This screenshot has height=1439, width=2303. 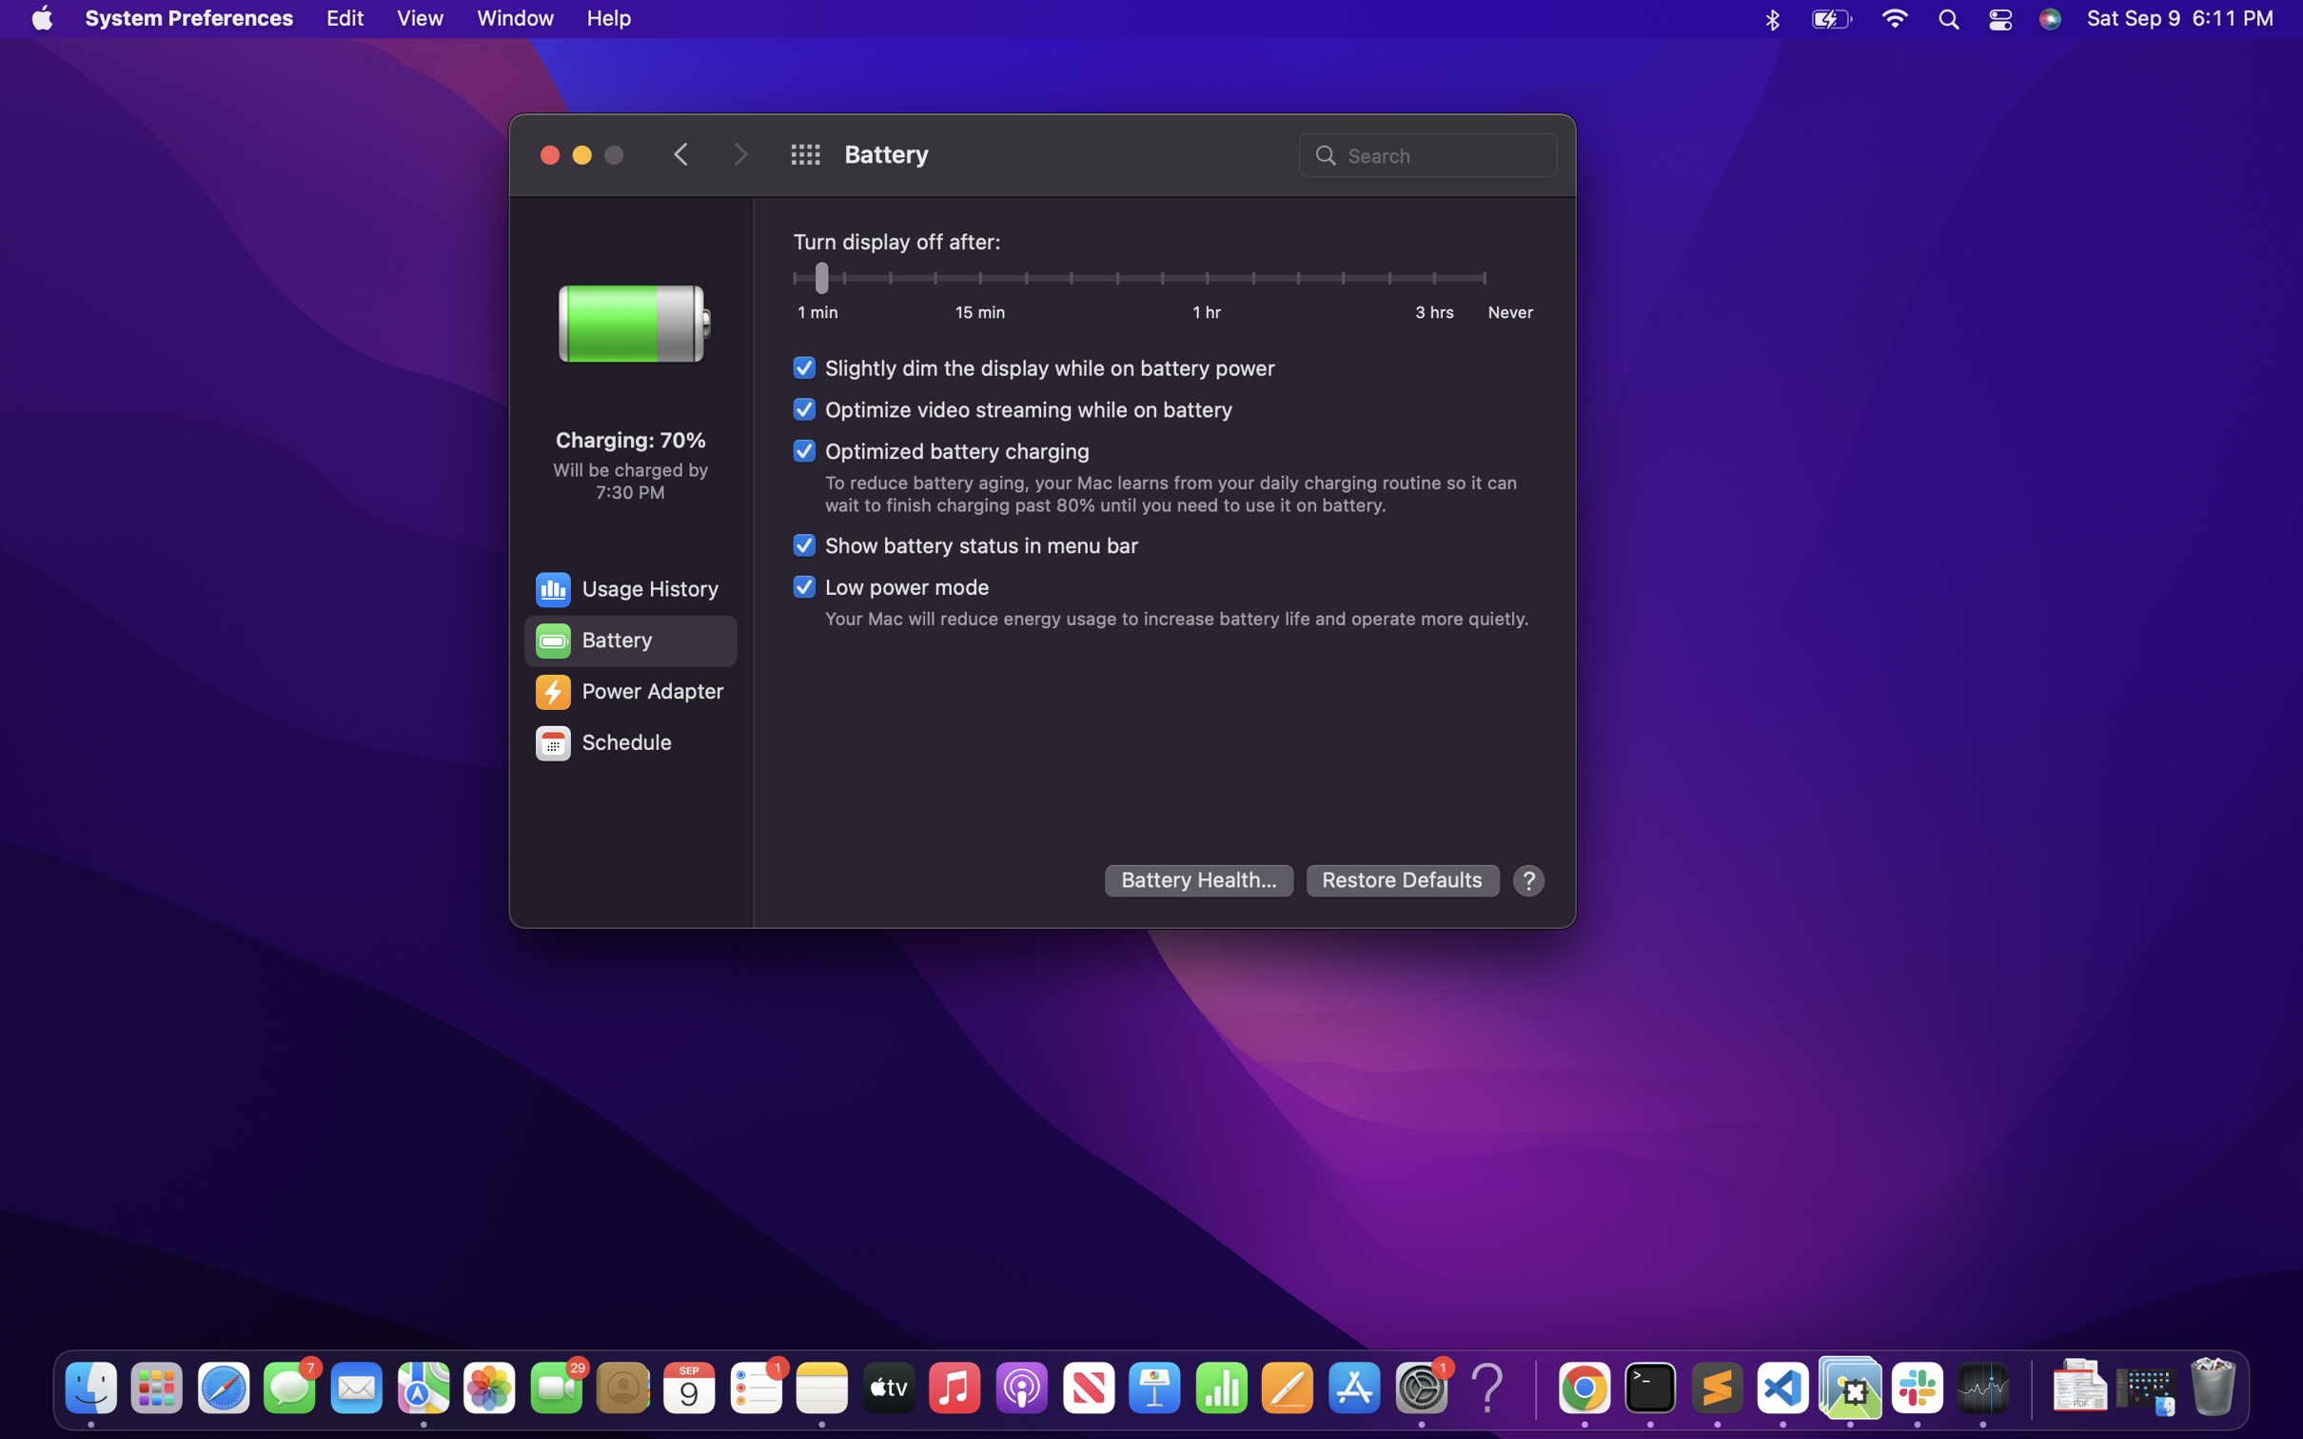 I want to click on Go back the last page of settings, so click(x=682, y=152).